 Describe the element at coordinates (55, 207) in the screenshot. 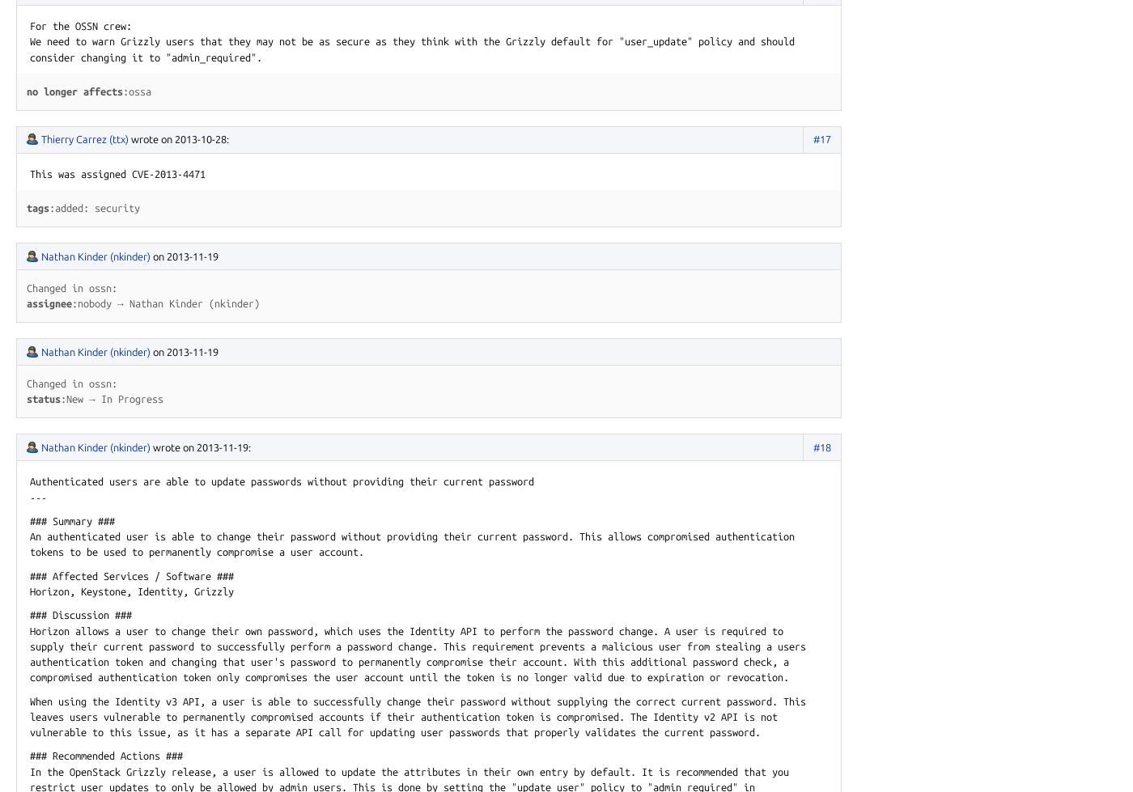

I see `'added: security'` at that location.